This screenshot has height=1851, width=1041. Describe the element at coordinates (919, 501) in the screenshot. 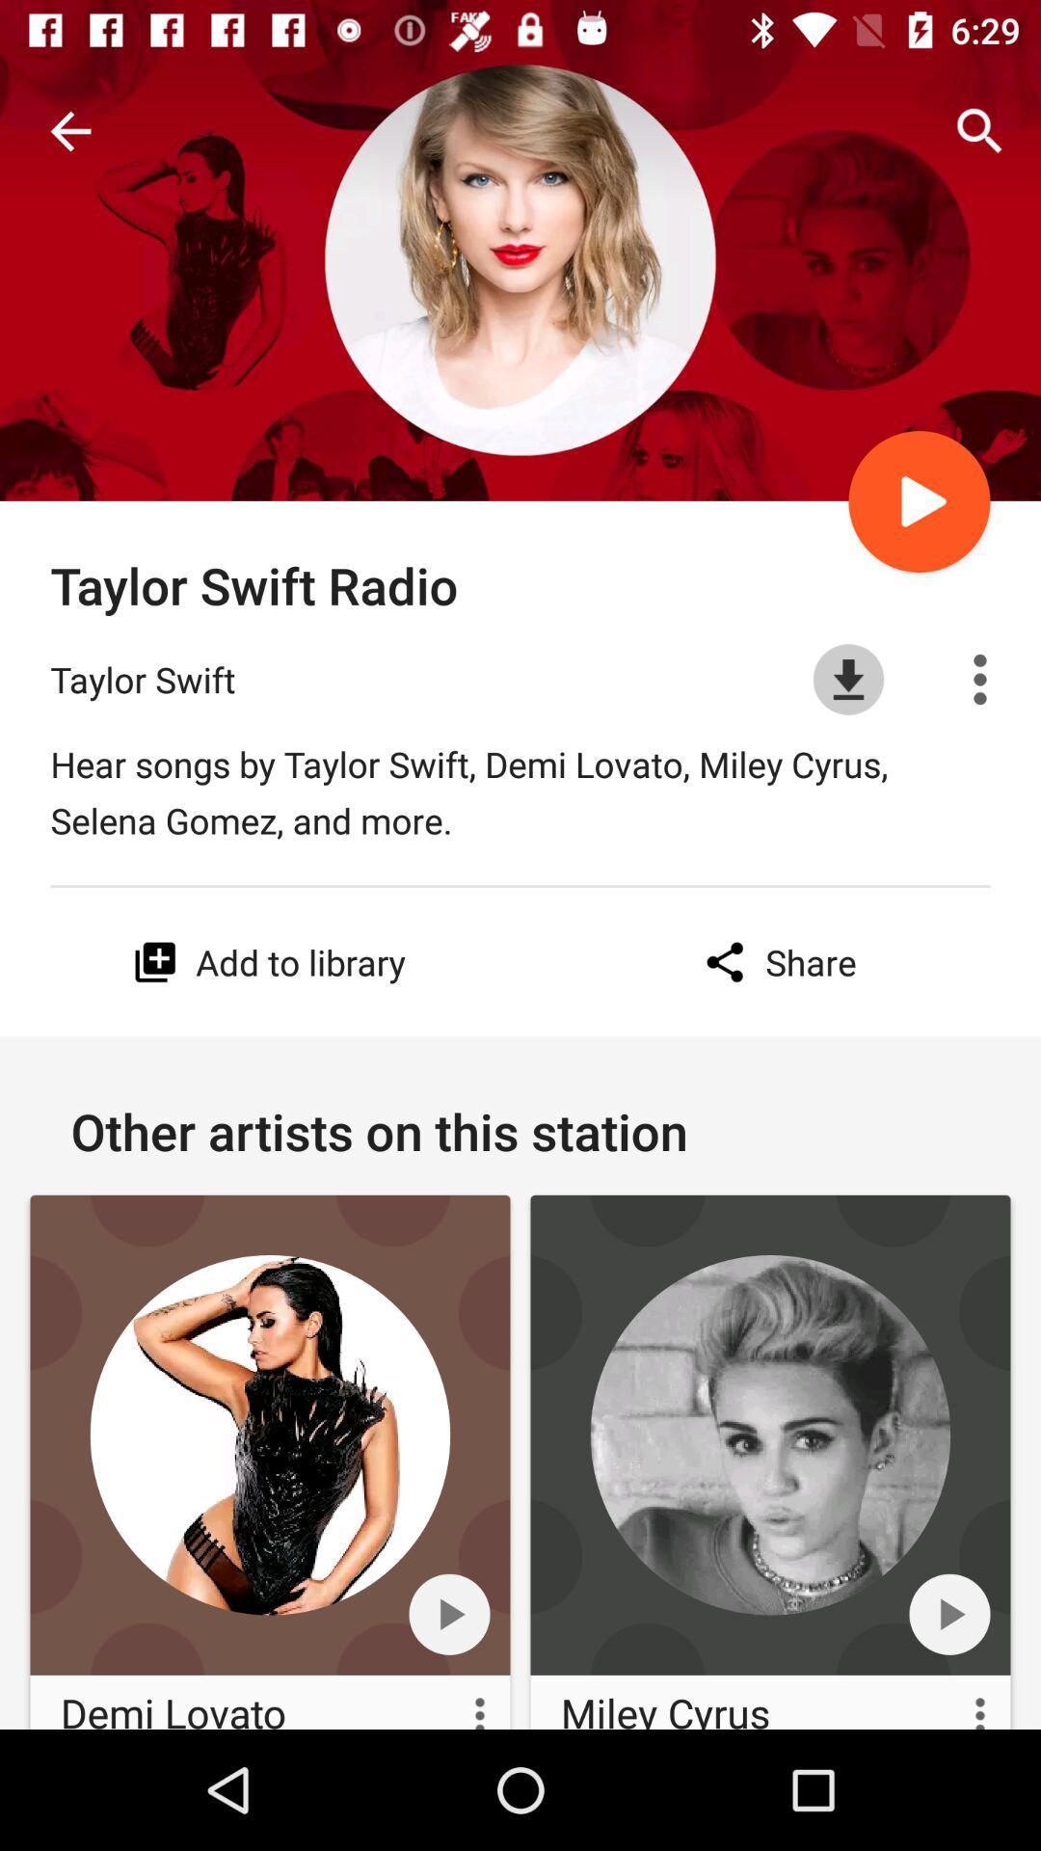

I see `play icon above download icon` at that location.